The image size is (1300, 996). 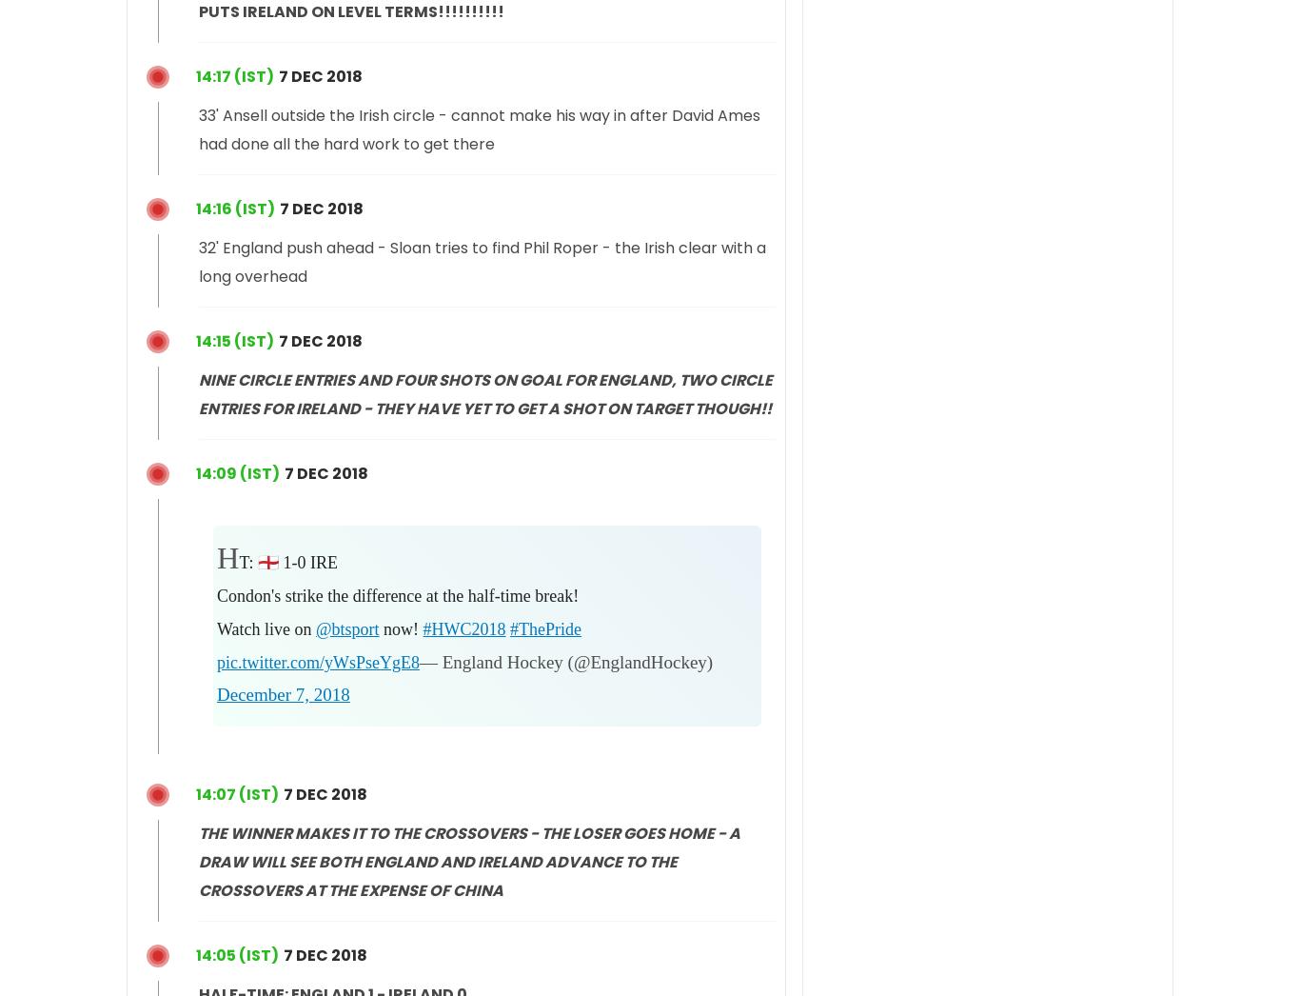 What do you see at coordinates (237, 472) in the screenshot?
I see `'14:09 (IST)'` at bounding box center [237, 472].